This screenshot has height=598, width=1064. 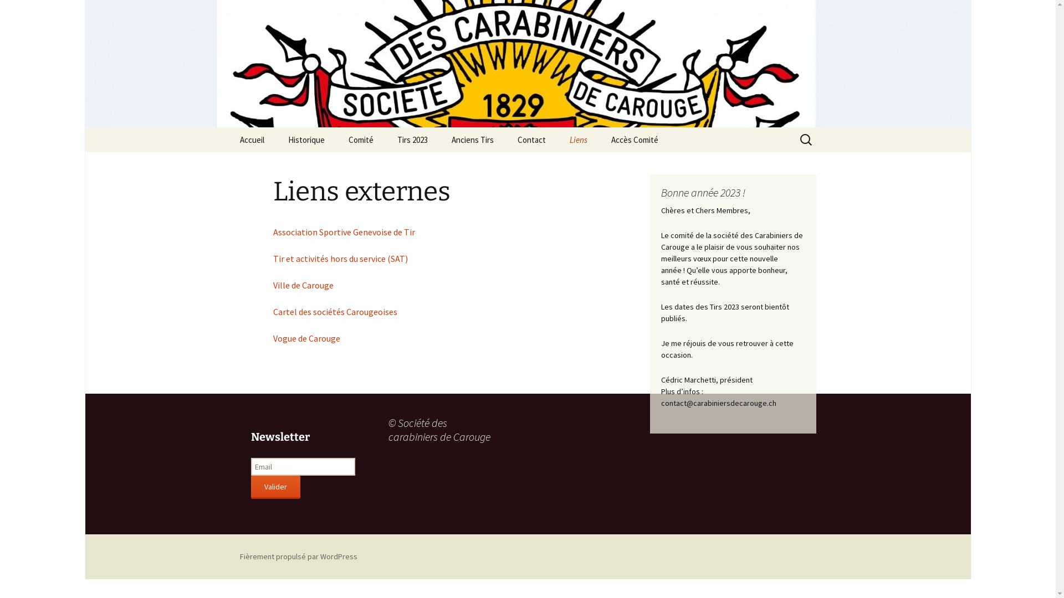 What do you see at coordinates (272, 231) in the screenshot?
I see `'Association Sportive Genevoise de Tir'` at bounding box center [272, 231].